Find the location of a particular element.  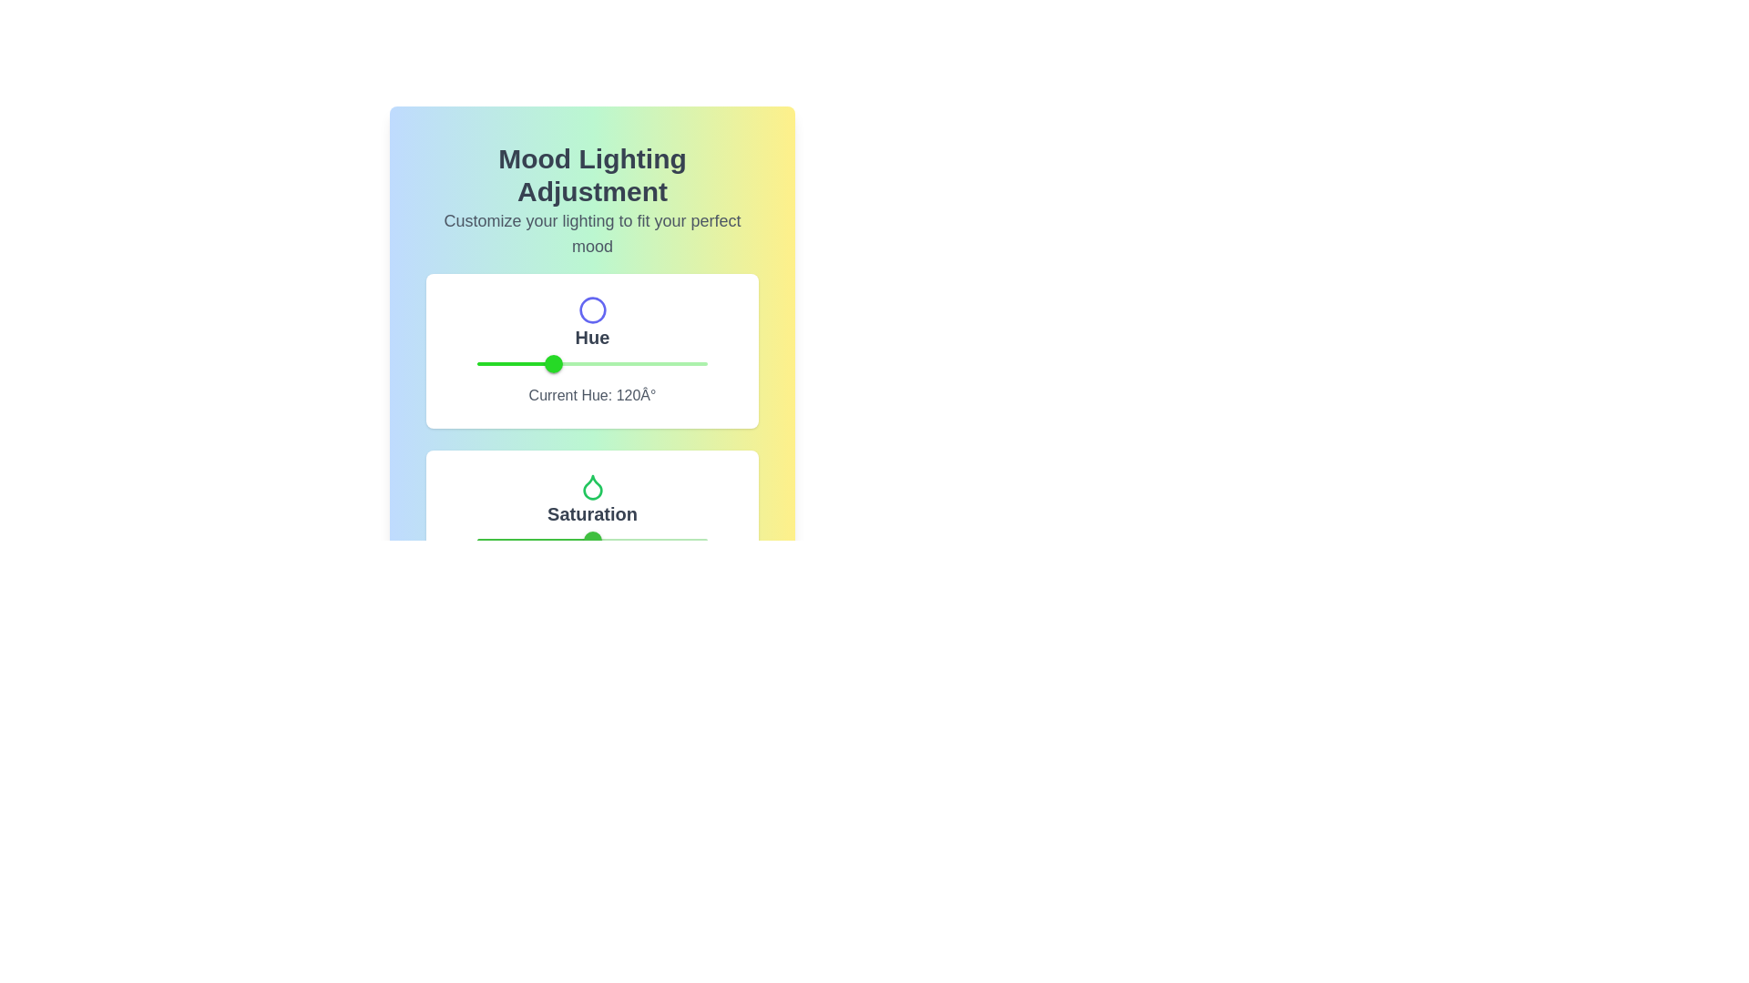

the slider is located at coordinates (506, 540).